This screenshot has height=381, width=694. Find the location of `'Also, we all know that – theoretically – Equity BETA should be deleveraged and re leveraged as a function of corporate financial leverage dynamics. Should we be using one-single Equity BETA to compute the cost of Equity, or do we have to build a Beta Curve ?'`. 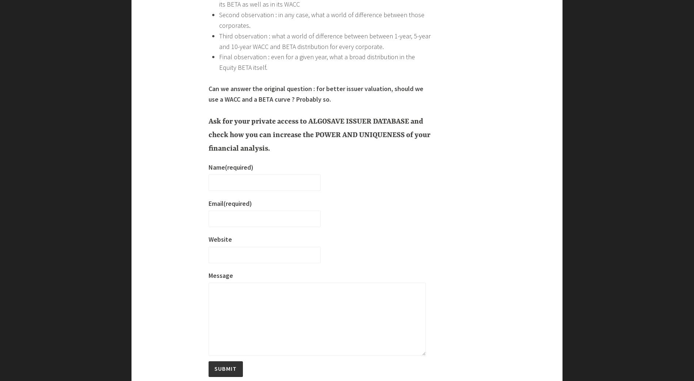

'Also, we all know that – theoretically – Equity BETA should be deleveraged and re leveraged as a function of corporate financial leverage dynamics. Should we be using one-single Equity BETA to compute the cost of Equity, or do we have to build a Beta Curve ?' is located at coordinates (320, 145).